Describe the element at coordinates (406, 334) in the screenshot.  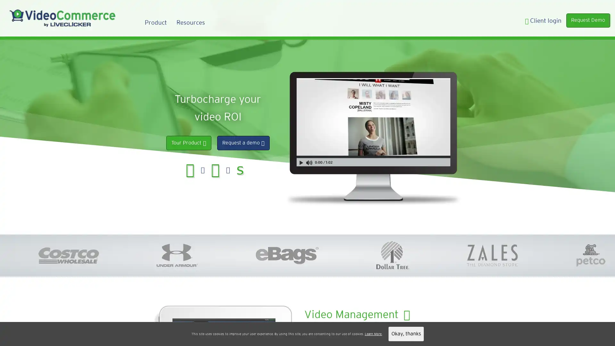
I see `Okay, thanks` at that location.